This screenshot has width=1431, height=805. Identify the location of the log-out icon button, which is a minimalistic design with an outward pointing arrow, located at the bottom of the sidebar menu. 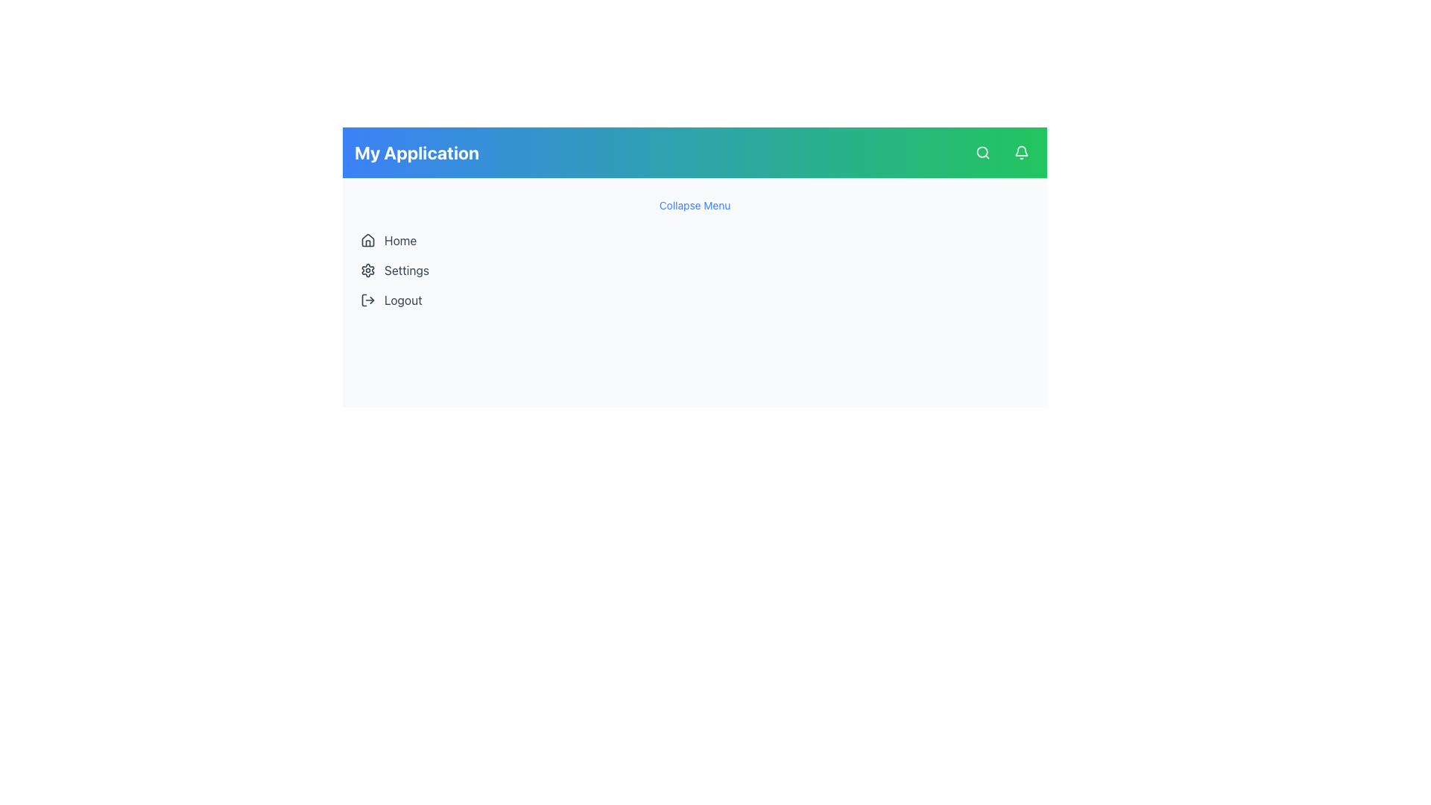
(368, 300).